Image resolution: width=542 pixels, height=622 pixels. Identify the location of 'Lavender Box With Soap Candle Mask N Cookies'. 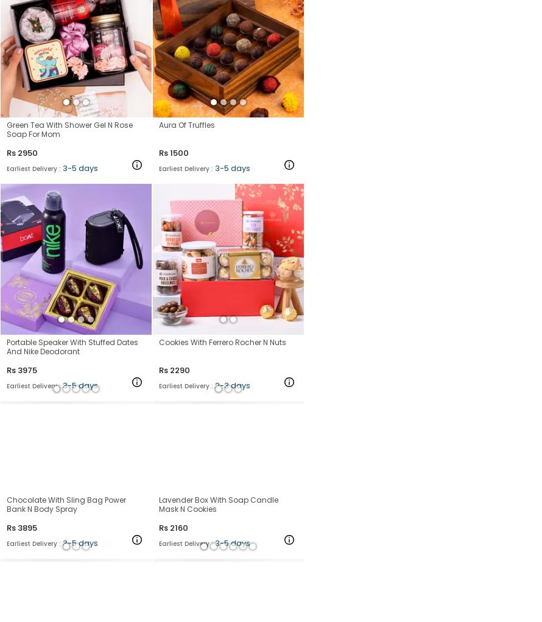
(219, 503).